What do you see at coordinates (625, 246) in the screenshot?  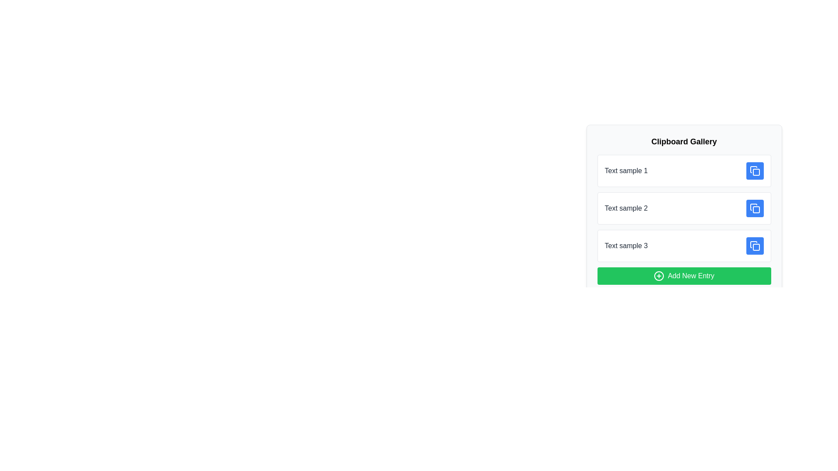 I see `the text label reading 'Text sample 3' which is displayed in a medium-weight font with a dark gray color, located in the third card of a vertical list of cards` at bounding box center [625, 246].